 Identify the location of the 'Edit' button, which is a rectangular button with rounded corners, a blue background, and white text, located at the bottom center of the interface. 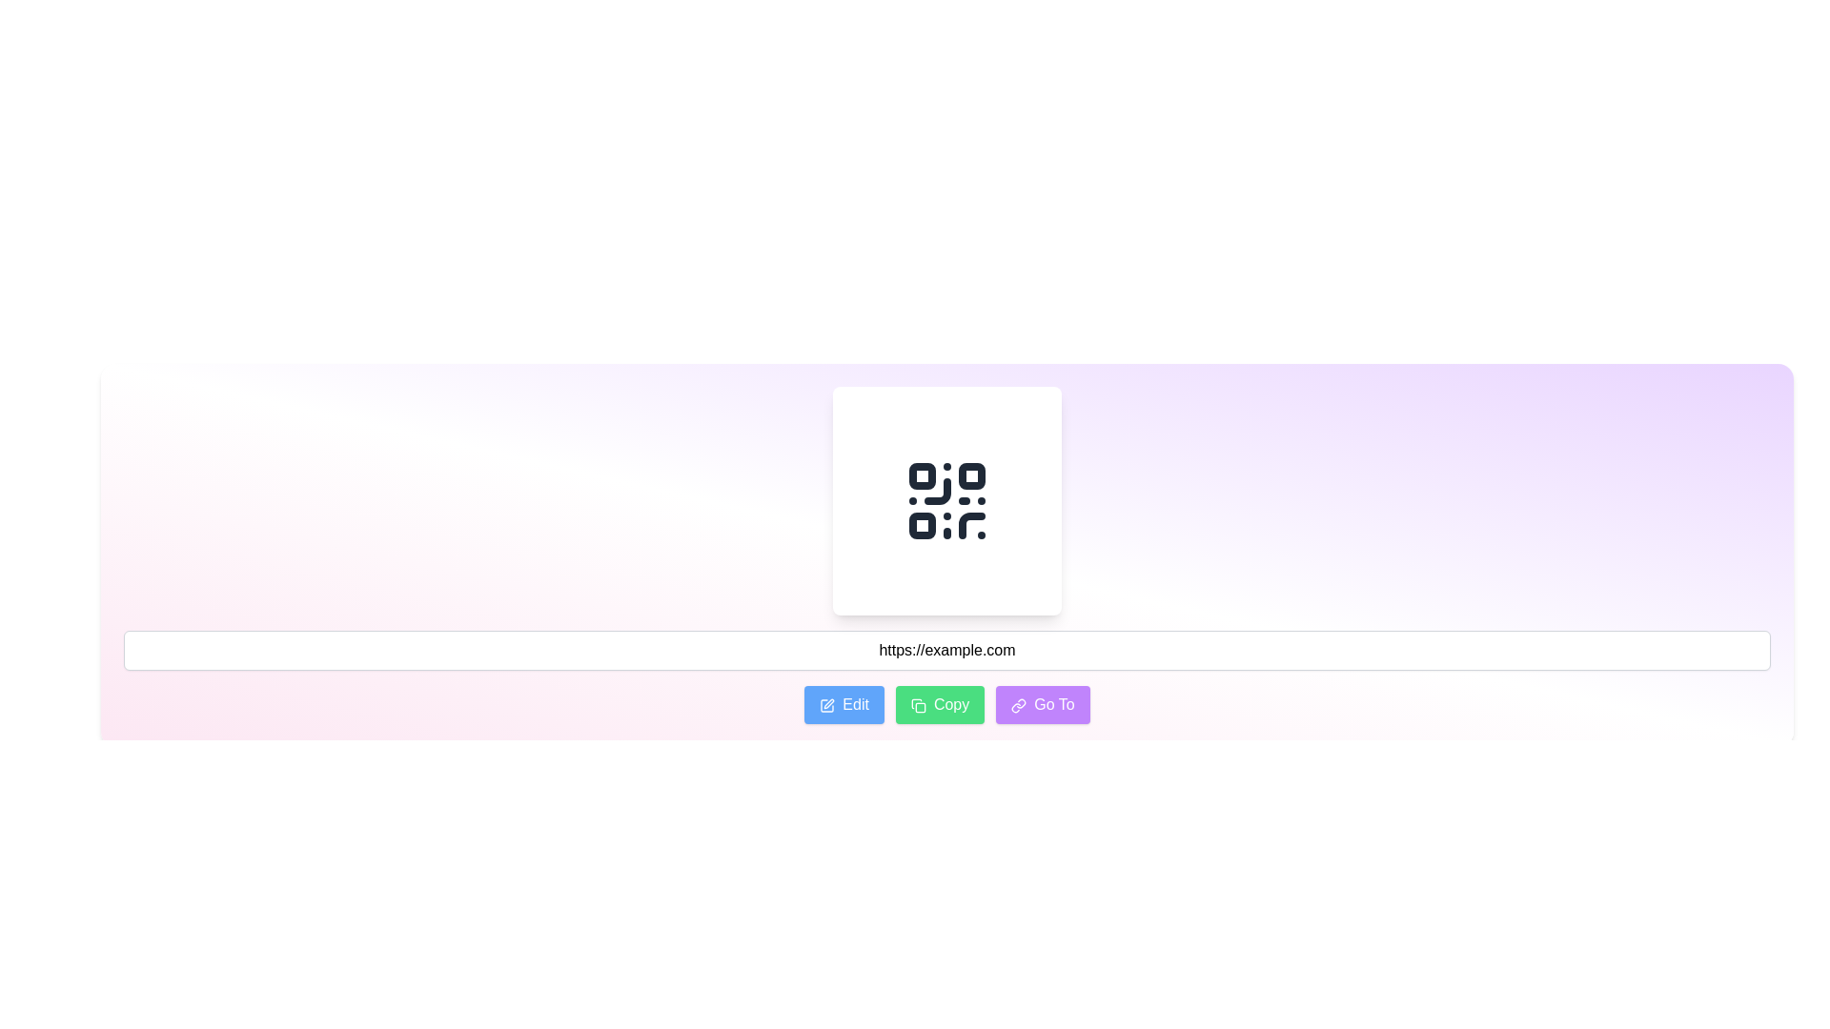
(844, 705).